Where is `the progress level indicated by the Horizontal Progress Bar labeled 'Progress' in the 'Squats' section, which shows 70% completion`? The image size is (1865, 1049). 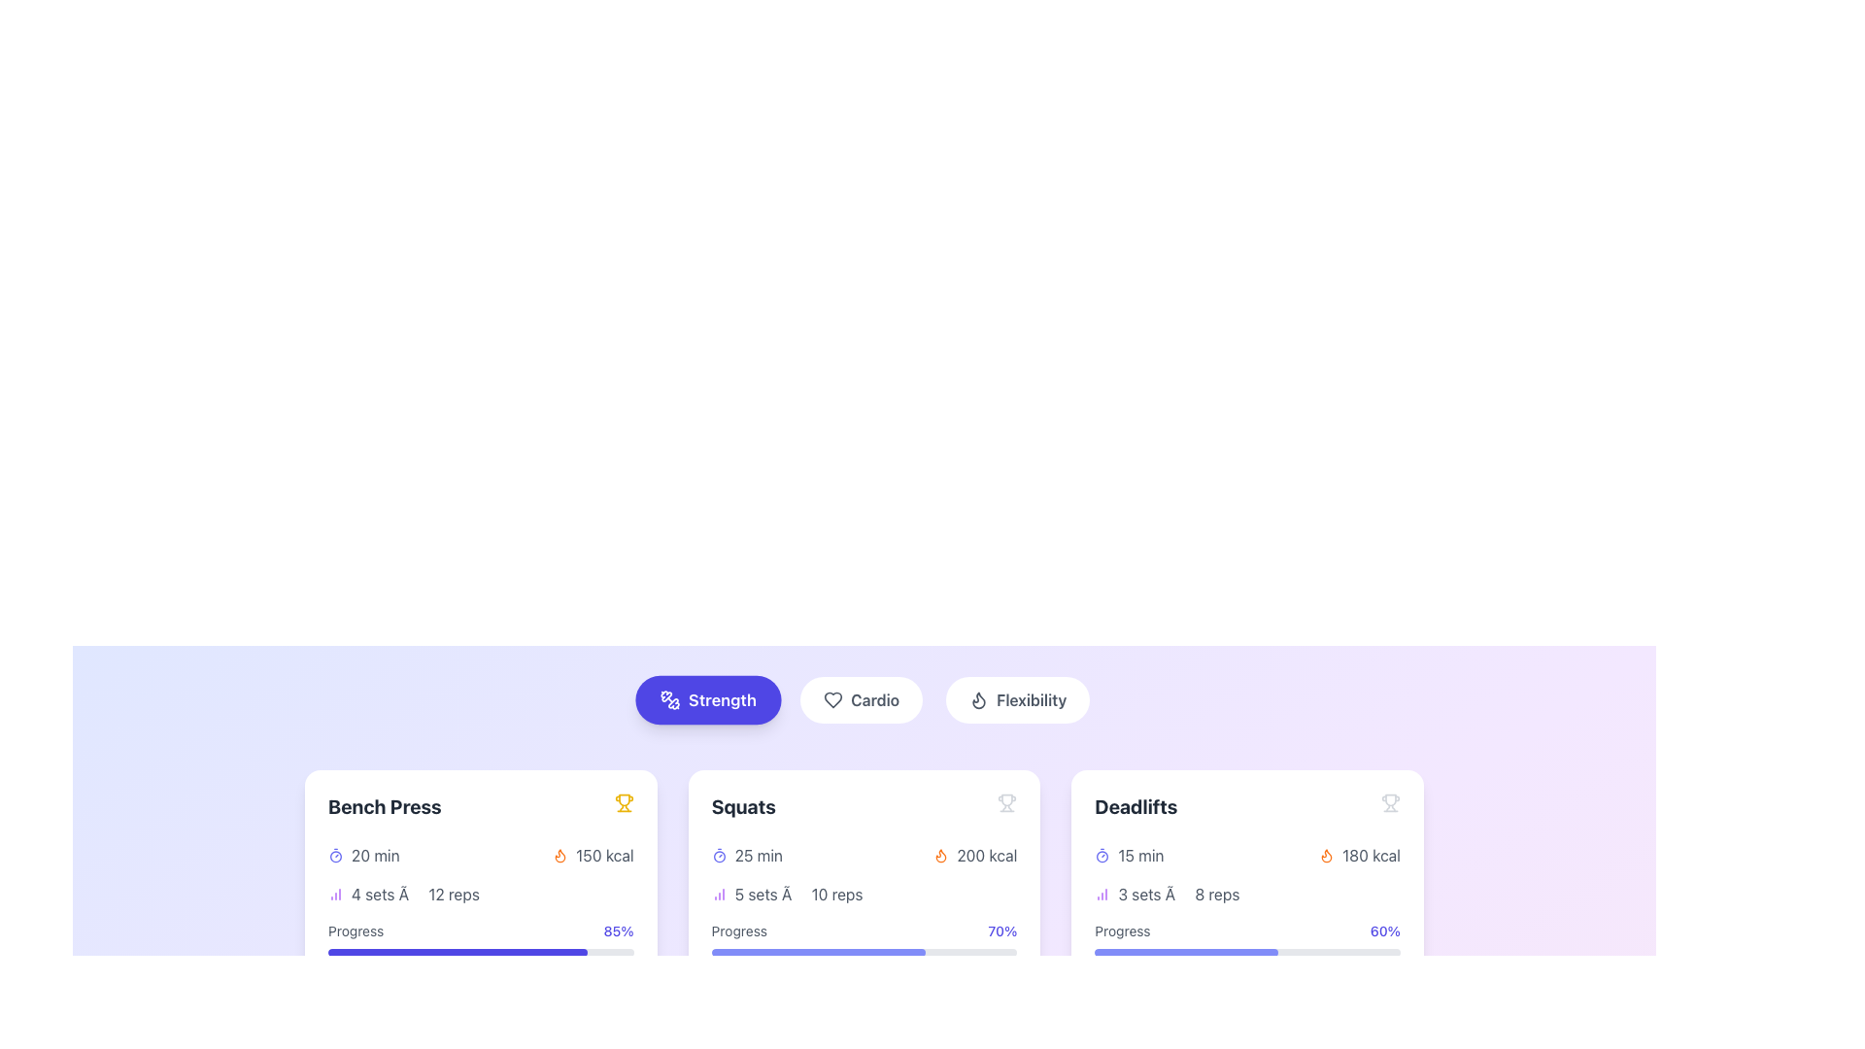
the progress level indicated by the Horizontal Progress Bar labeled 'Progress' in the 'Squats' section, which shows 70% completion is located at coordinates (818, 951).